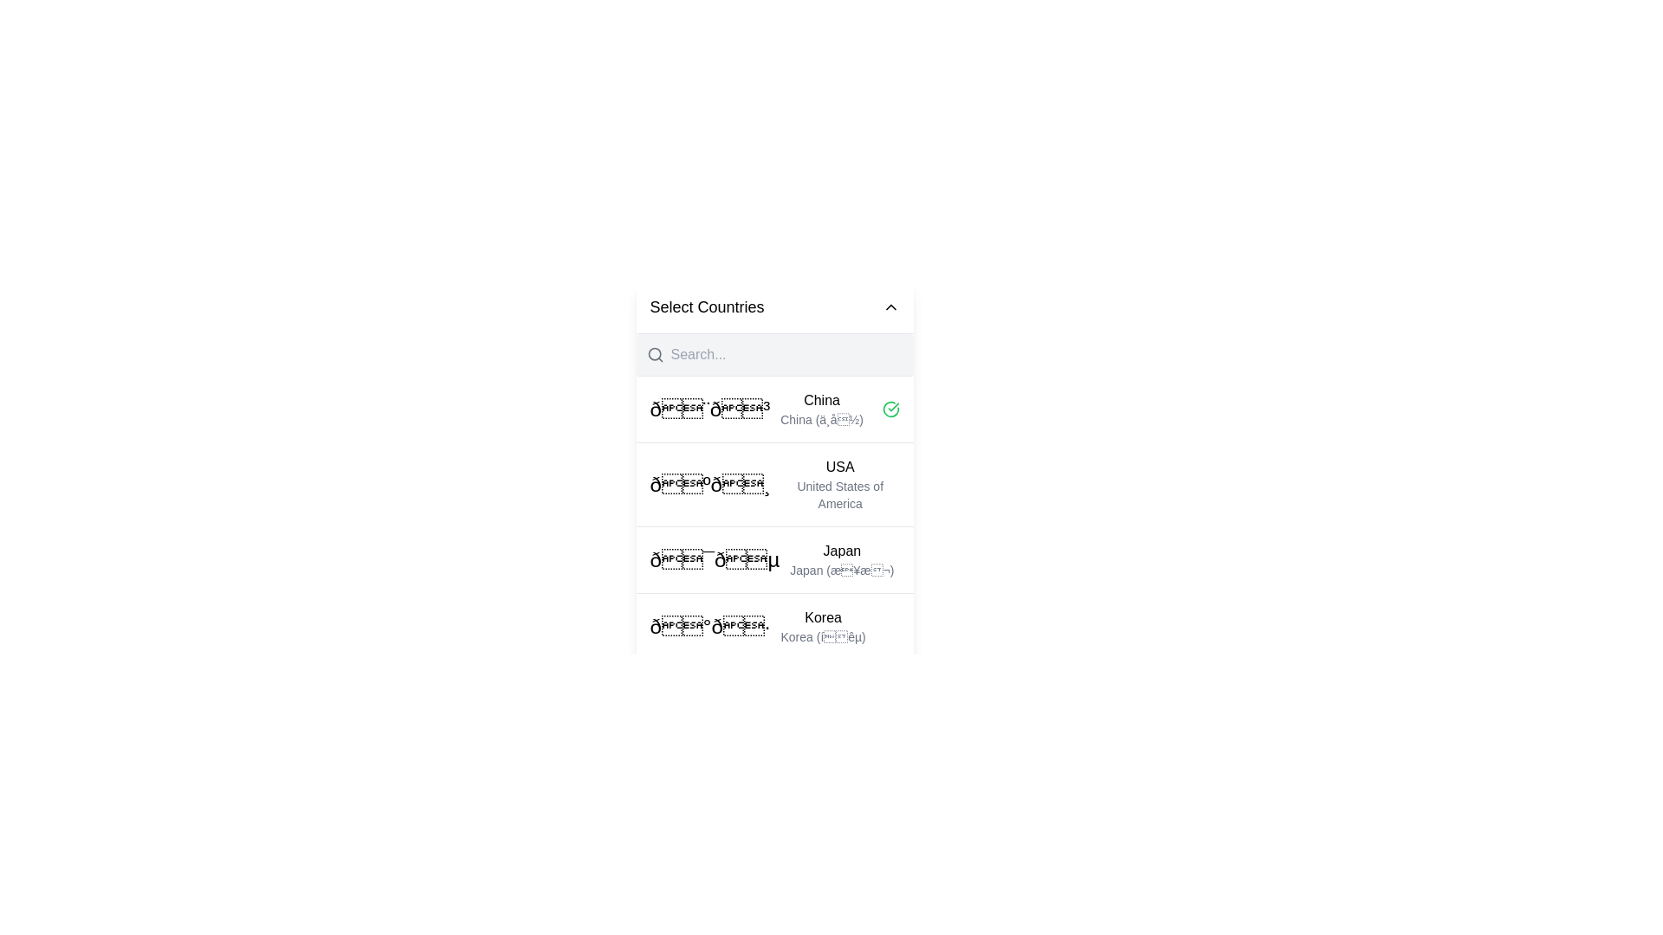 The height and width of the screenshot is (935, 1663). Describe the element at coordinates (890, 306) in the screenshot. I see `the Chevron Up icon located in the header section labeled 'Select Countries'` at that location.